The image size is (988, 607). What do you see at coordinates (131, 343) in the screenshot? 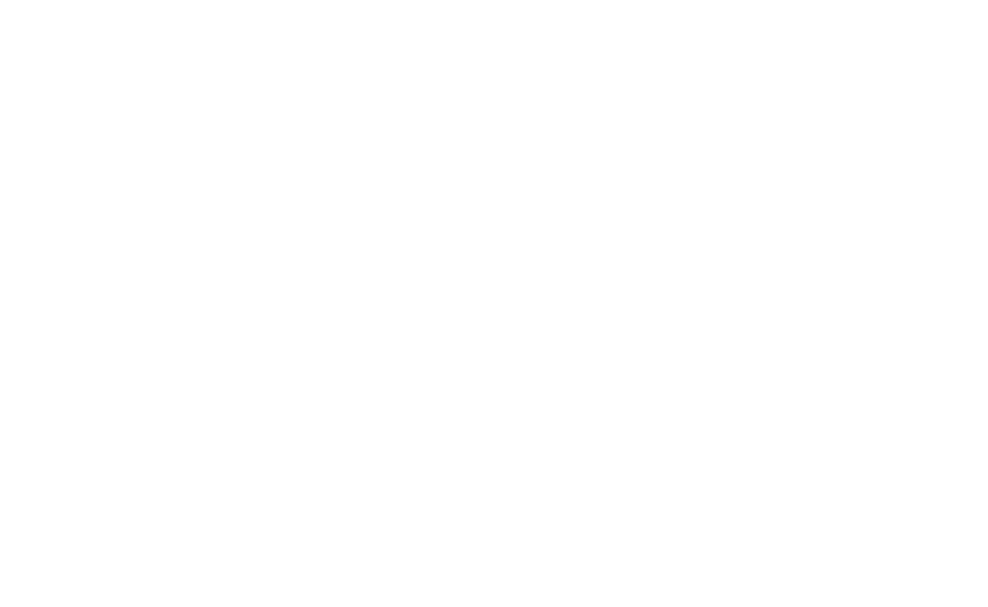
I see `'Pregame Notes: Rangers vs. Blue Jackets'` at bounding box center [131, 343].